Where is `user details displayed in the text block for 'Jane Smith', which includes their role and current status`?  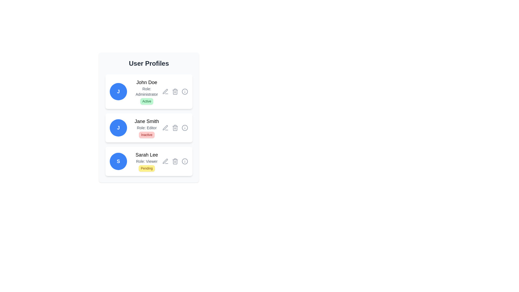 user details displayed in the text block for 'Jane Smith', which includes their role and current status is located at coordinates (147, 128).